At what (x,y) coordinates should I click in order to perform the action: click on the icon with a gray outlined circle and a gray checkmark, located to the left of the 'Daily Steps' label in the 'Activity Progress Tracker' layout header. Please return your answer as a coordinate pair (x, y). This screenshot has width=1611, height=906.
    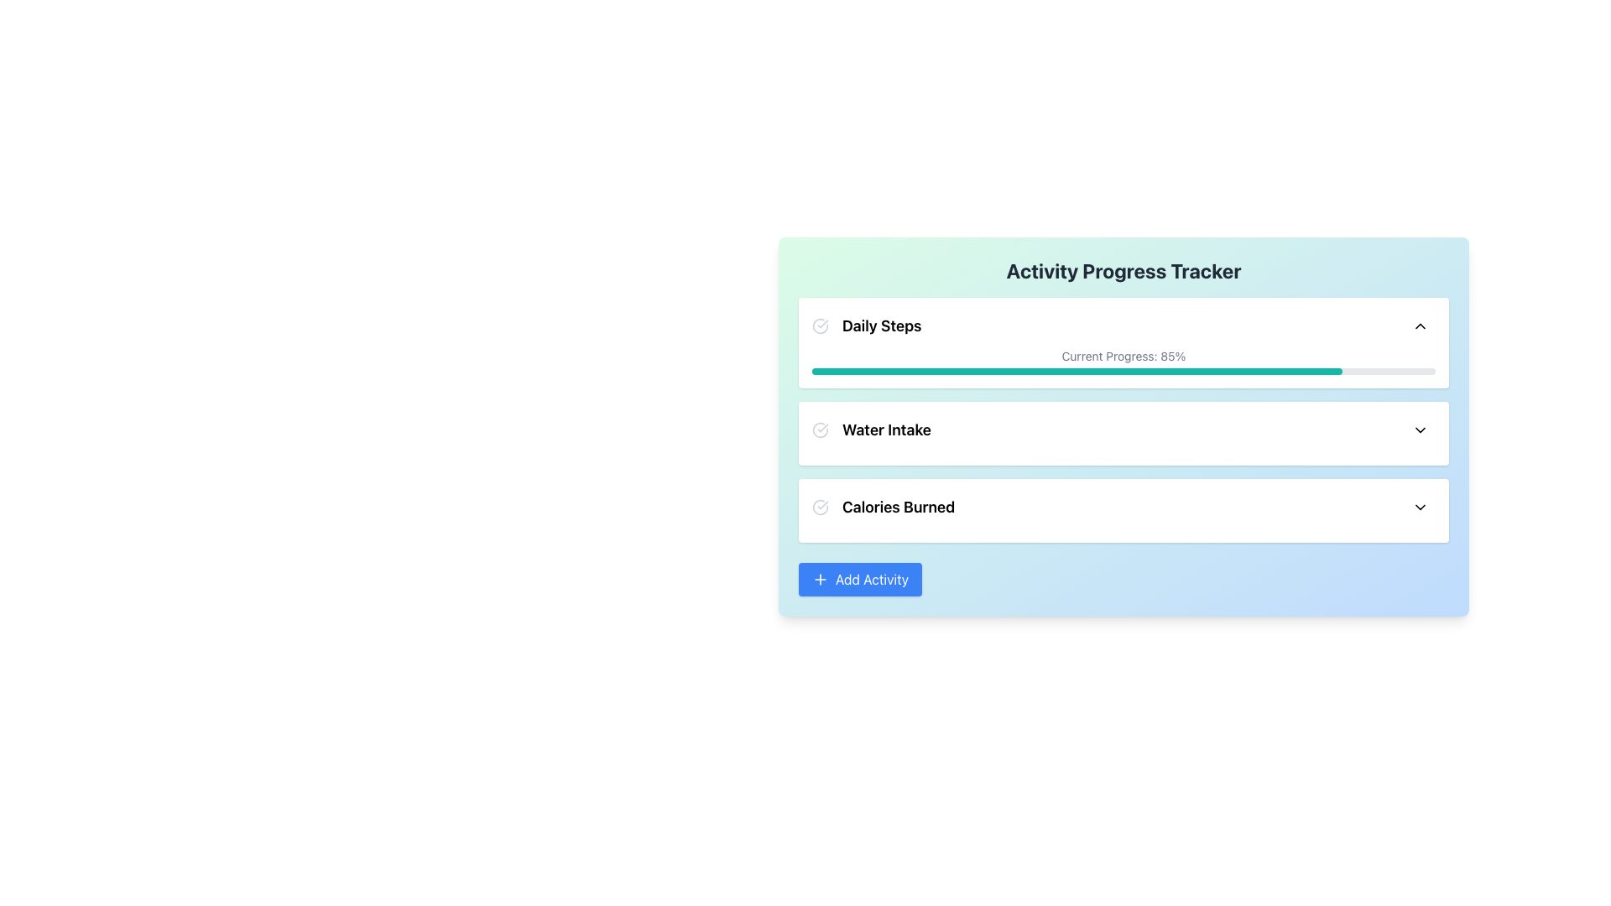
    Looking at the image, I should click on (821, 326).